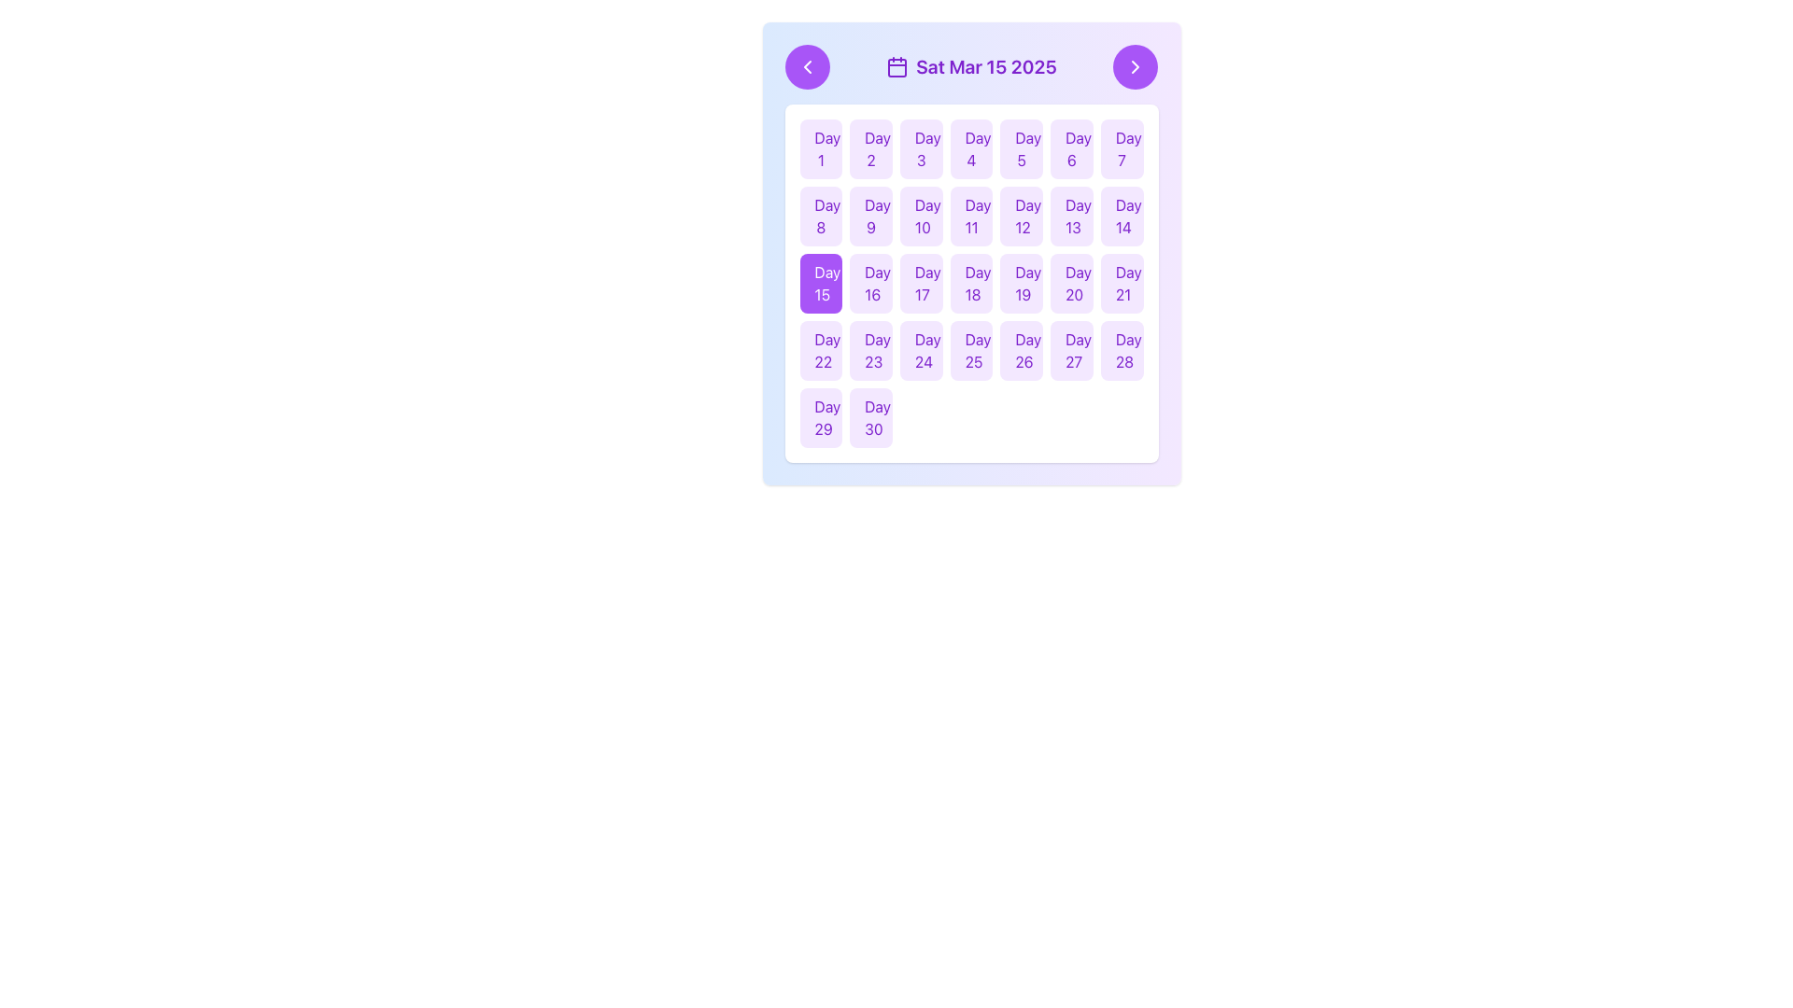  I want to click on the 'Day 12' button, which is a light purple rectangular button with rounded corners, displaying the text 'Day 12' in purple, located in the second row and fifth column of the grid layout, so click(1021, 215).